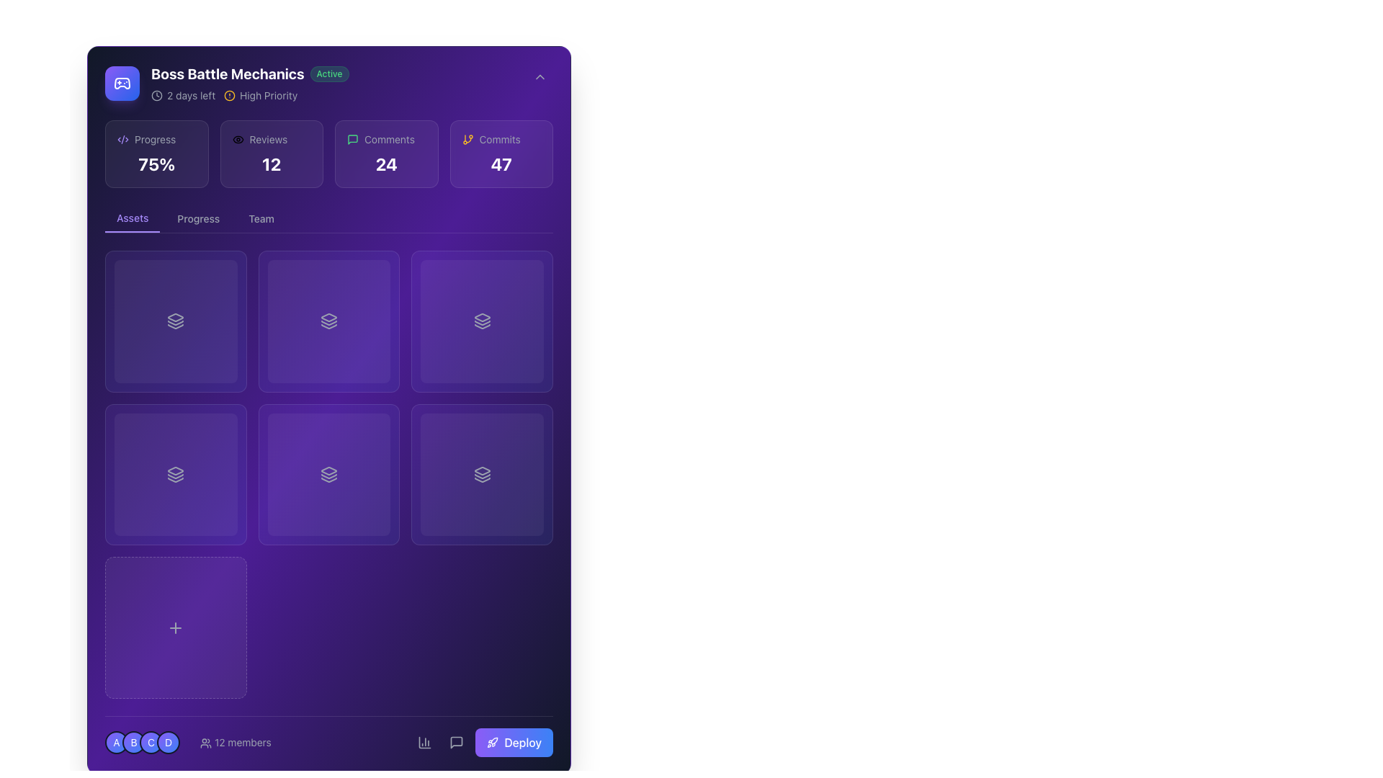 The image size is (1383, 778). What do you see at coordinates (424, 742) in the screenshot?
I see `the analytics button located to the left of the 'Deploy' button in the bottom section of the interface` at bounding box center [424, 742].